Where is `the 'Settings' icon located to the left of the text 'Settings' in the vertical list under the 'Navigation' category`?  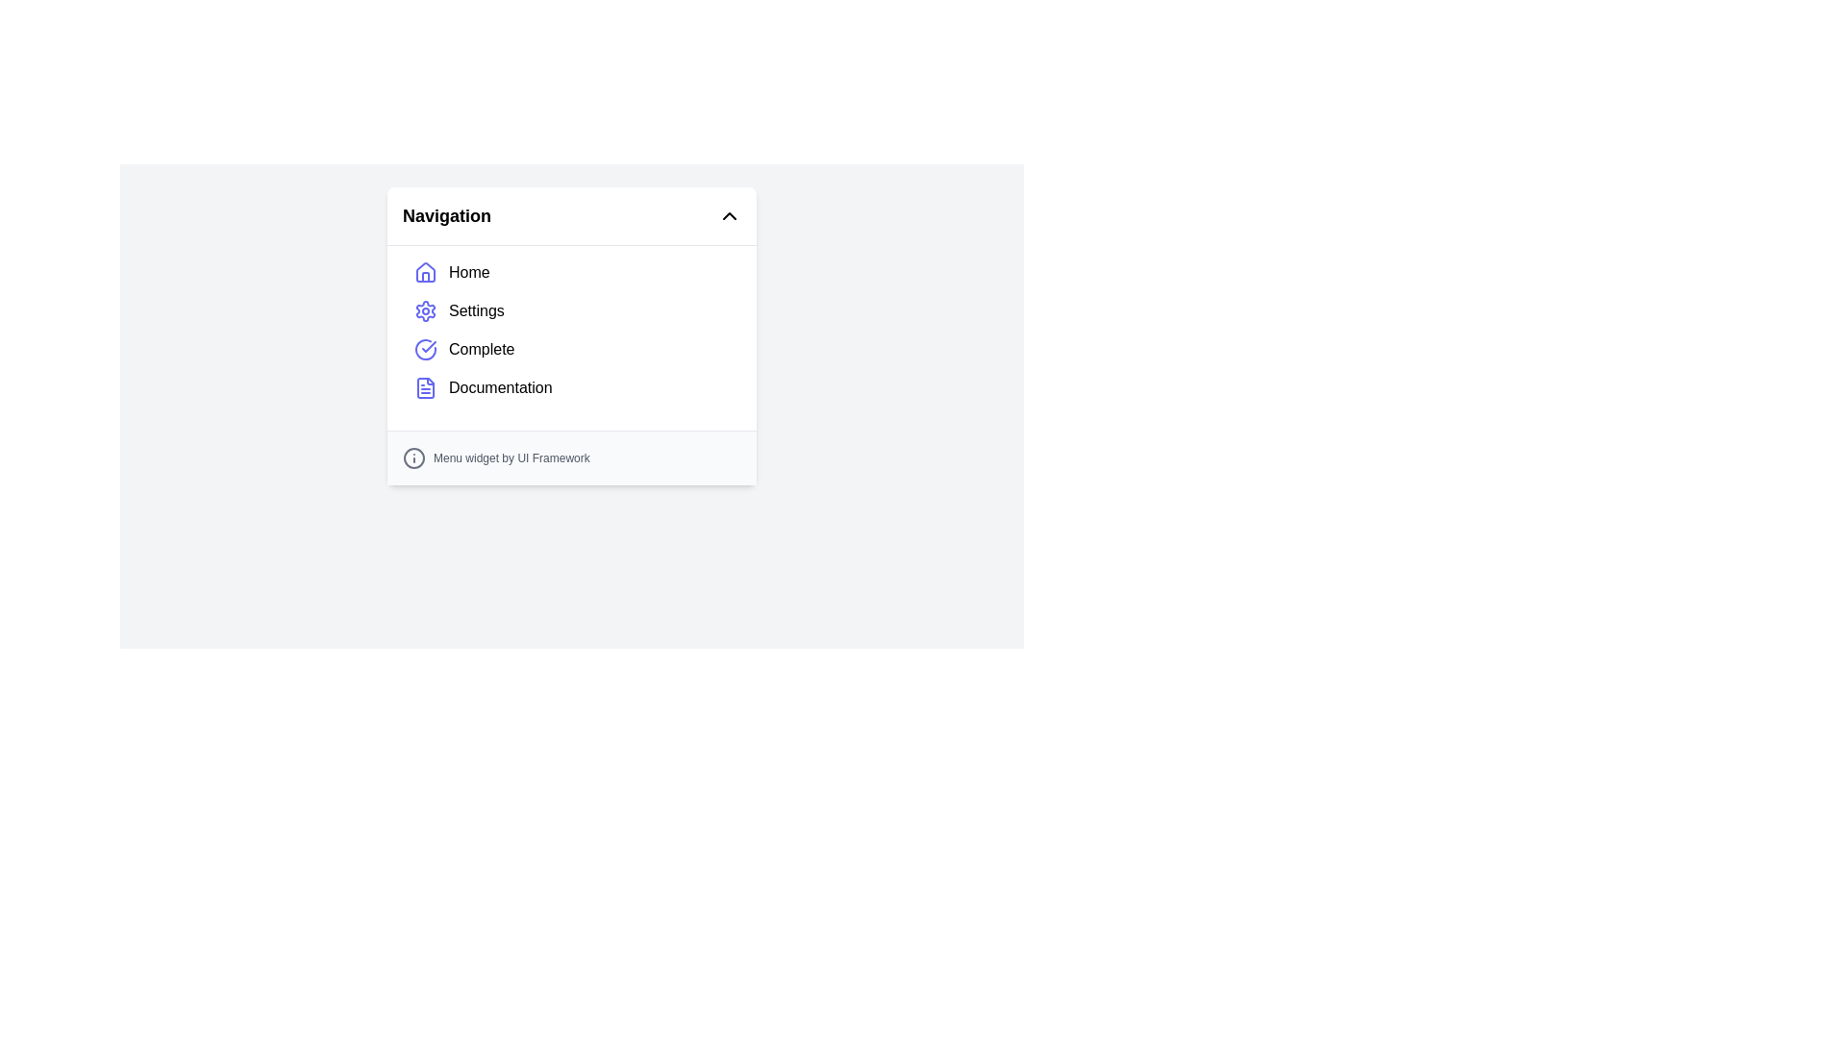
the 'Settings' icon located to the left of the text 'Settings' in the vertical list under the 'Navigation' category is located at coordinates (424, 310).